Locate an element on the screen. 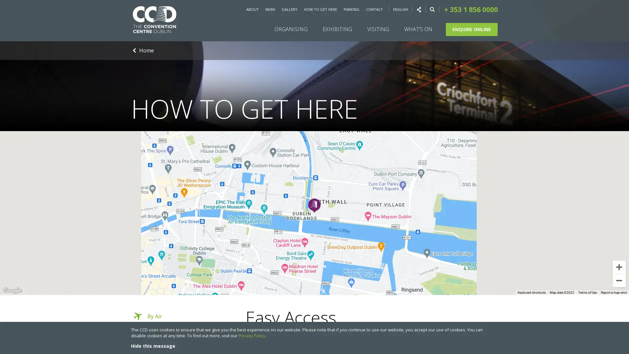 The width and height of the screenshot is (629, 354). Zoom in is located at coordinates (619, 267).